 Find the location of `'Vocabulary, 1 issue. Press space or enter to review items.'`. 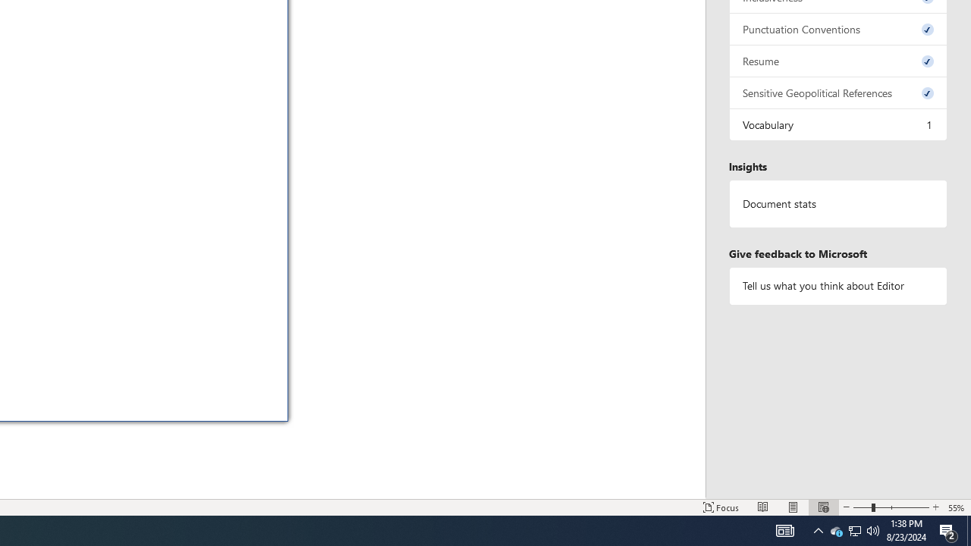

'Vocabulary, 1 issue. Press space or enter to review items.' is located at coordinates (837, 124).